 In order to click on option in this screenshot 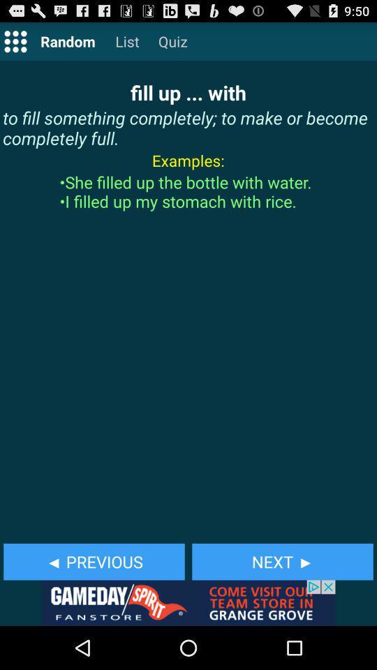, I will do `click(15, 40)`.